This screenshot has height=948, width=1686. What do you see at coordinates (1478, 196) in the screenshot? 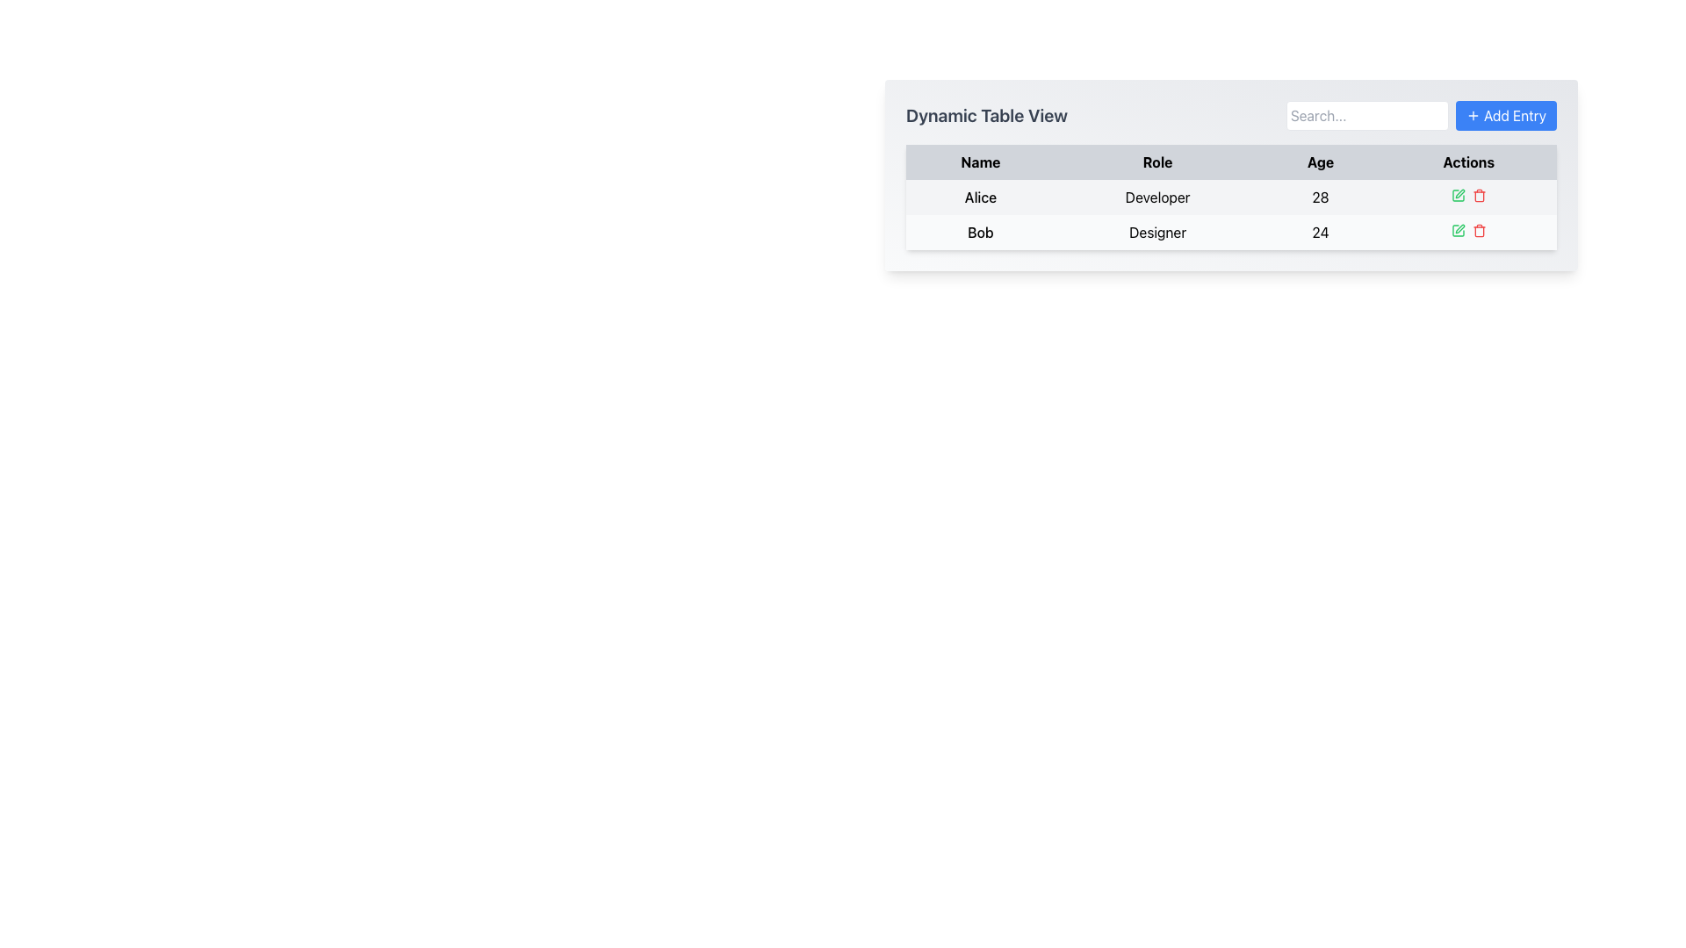
I see `the trash can icon button` at bounding box center [1478, 196].